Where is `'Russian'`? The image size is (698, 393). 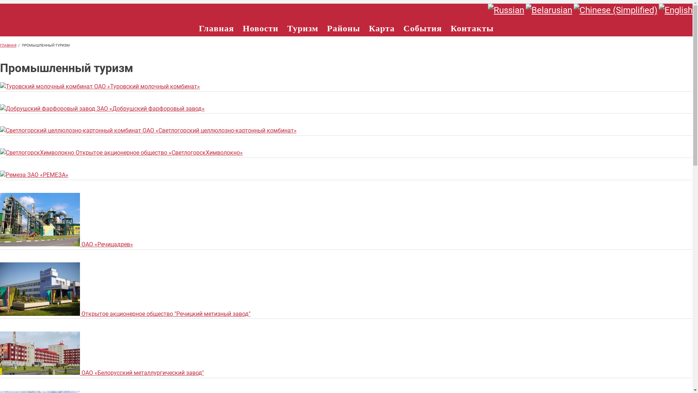 'Russian' is located at coordinates (506, 10).